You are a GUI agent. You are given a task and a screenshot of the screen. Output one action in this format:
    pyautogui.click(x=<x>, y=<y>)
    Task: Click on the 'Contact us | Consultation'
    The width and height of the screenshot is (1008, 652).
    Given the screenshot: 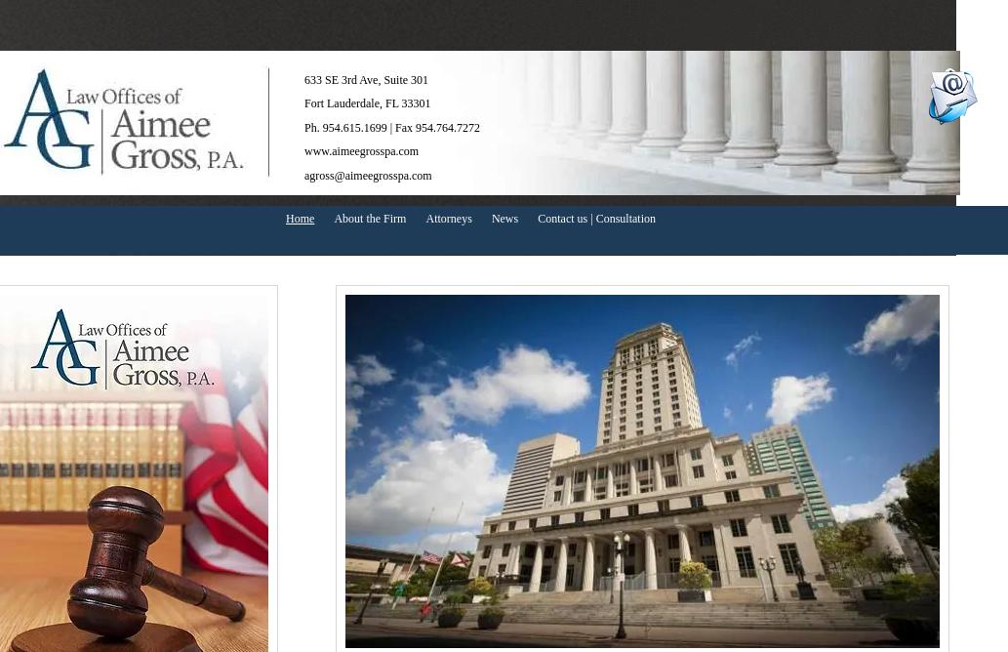 What is the action you would take?
    pyautogui.click(x=595, y=218)
    